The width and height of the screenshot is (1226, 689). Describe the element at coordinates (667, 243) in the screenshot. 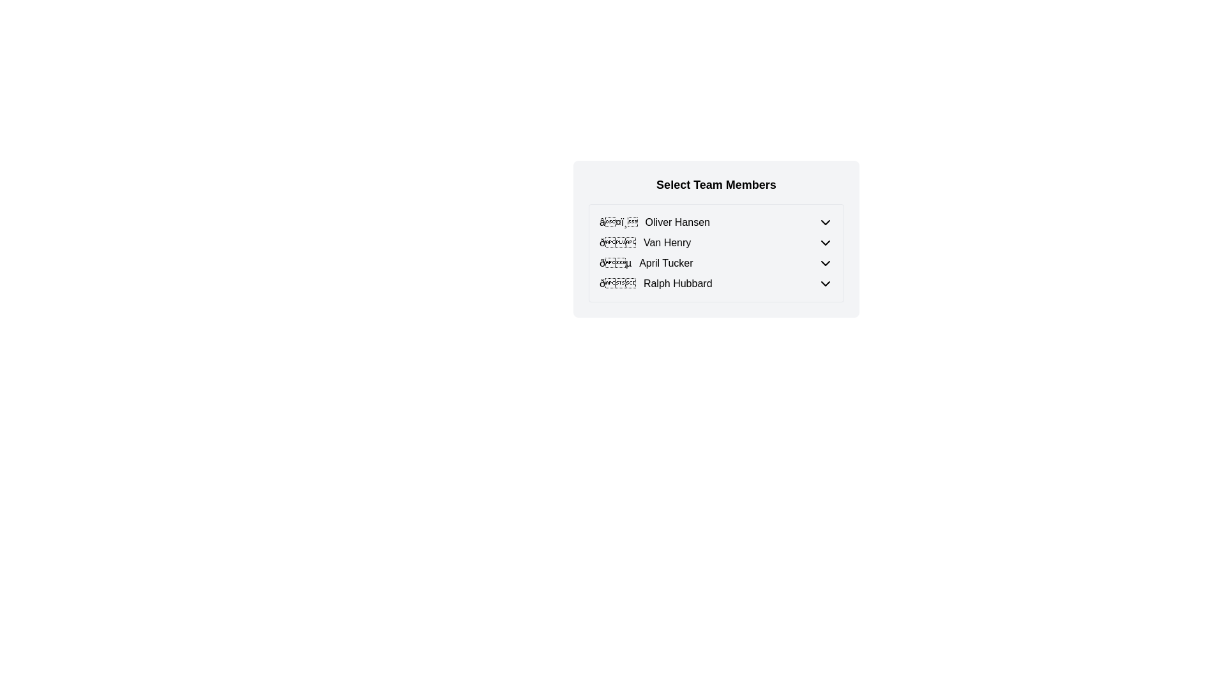

I see `the content of the text label displaying 'Van Henry', which is the second item in the selection list of team members` at that location.